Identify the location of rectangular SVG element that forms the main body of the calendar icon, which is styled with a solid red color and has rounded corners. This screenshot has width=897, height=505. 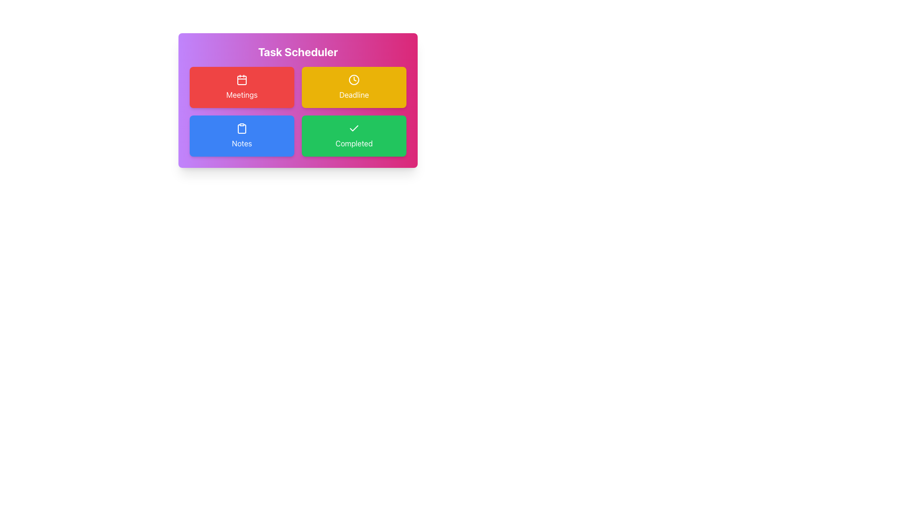
(242, 80).